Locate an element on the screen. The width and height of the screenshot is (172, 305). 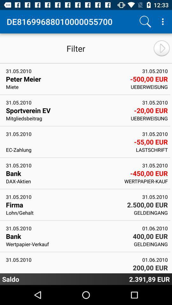
the app below the peter meier is located at coordinates (66, 86).